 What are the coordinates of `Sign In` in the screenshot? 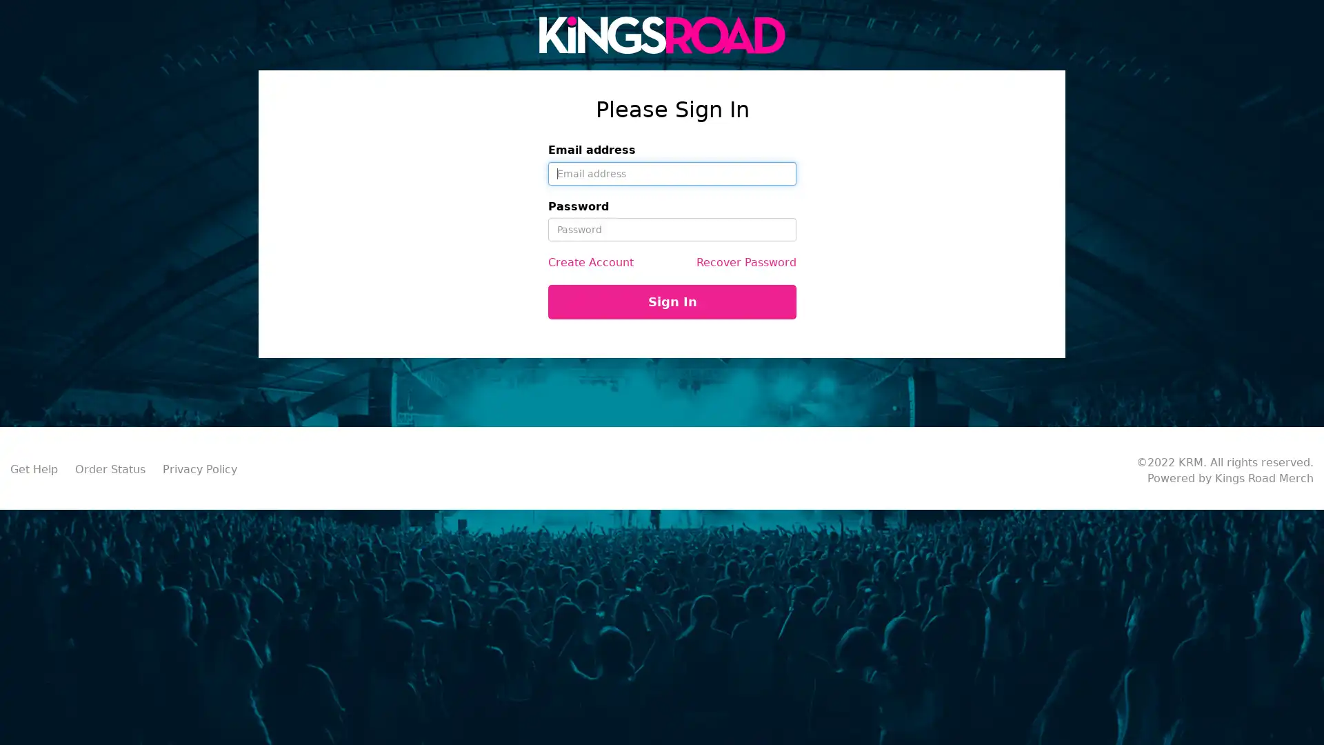 It's located at (672, 301).